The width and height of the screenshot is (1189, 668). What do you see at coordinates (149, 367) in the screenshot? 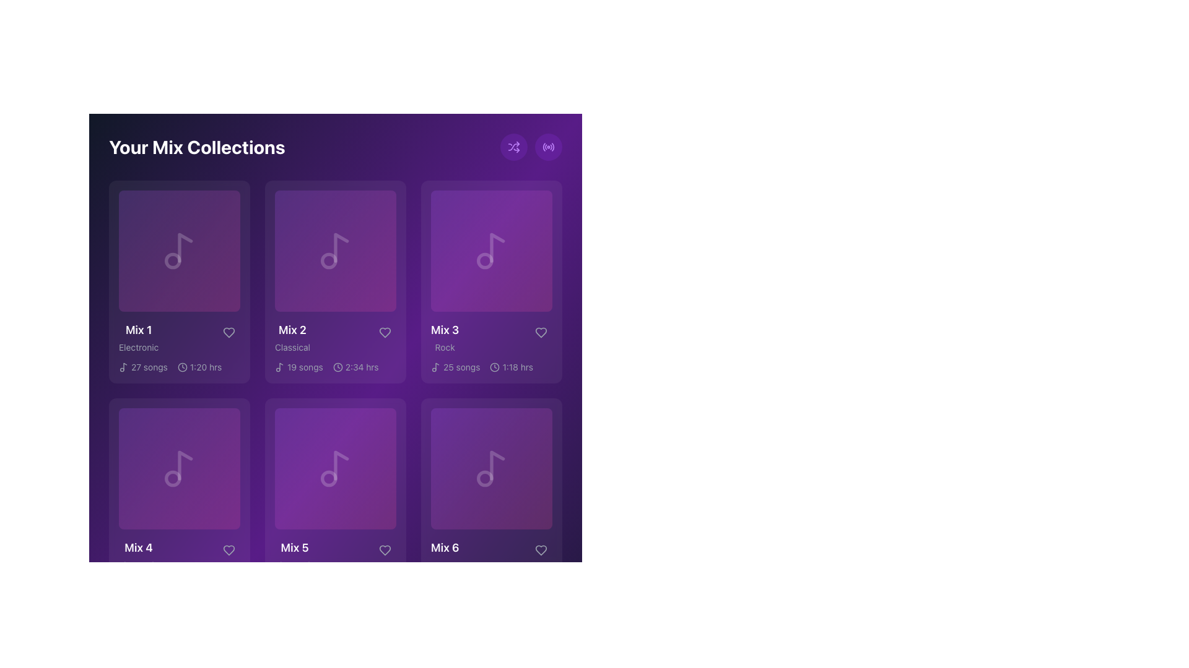
I see `text displaying the number of songs in the 'Mix 1' section of the 'Your Mix Collections' grid layout, located in the lower left corner of the section` at bounding box center [149, 367].